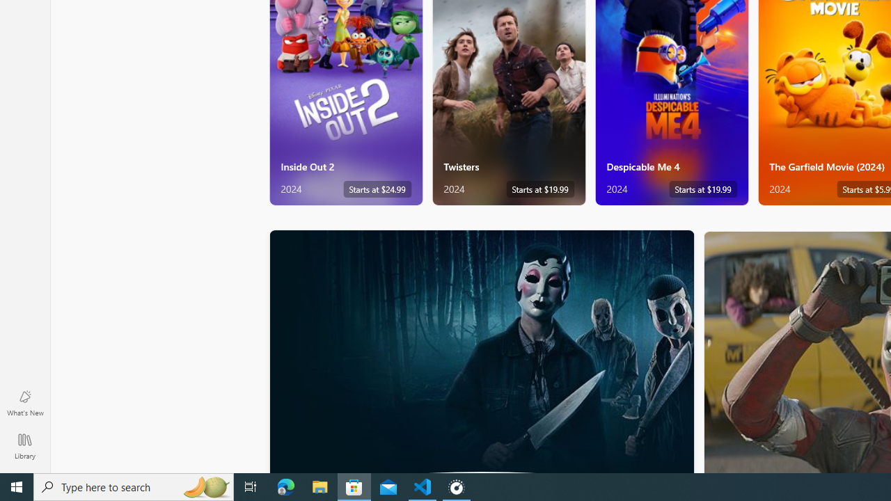 The height and width of the screenshot is (501, 891). I want to click on 'Horror', so click(482, 350).